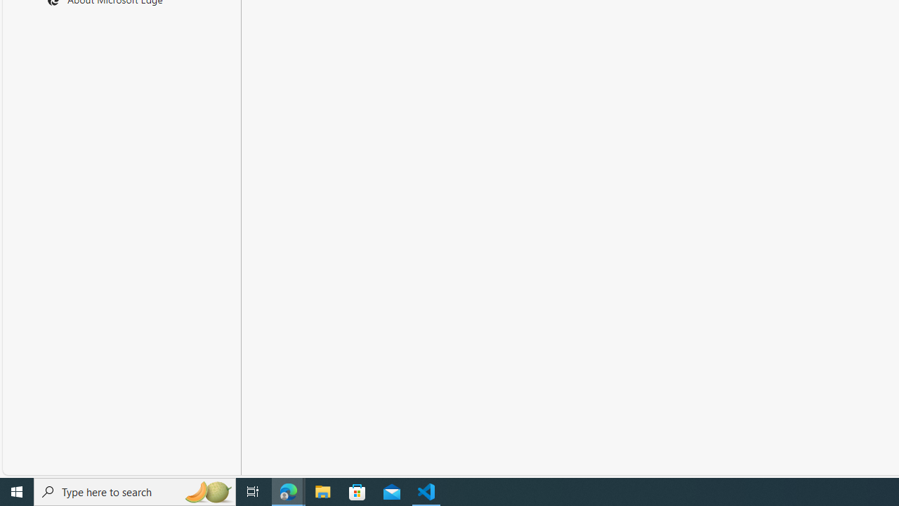 This screenshot has width=899, height=506. What do you see at coordinates (288, 491) in the screenshot?
I see `'Microsoft Edge - 2 running windows'` at bounding box center [288, 491].